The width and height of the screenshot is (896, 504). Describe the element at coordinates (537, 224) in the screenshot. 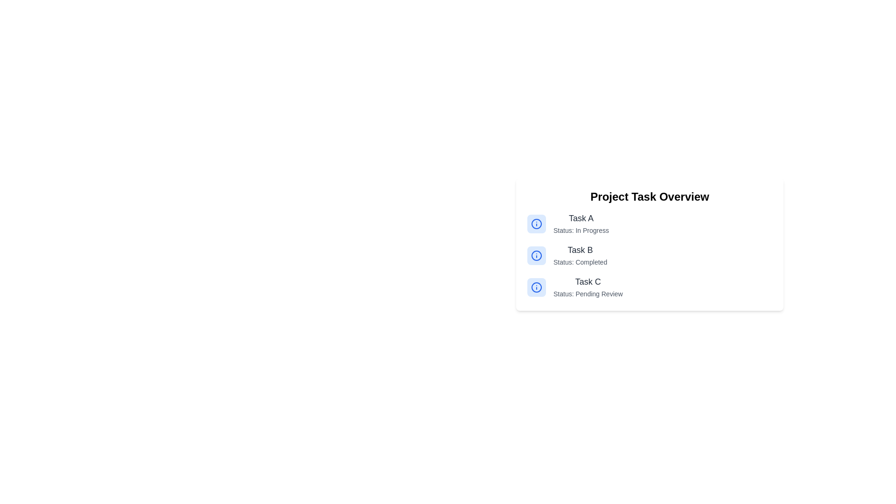

I see `the information indicator icon for 'Task A' located at the top of the vertical sequence in the 'Project Task Overview' card` at that location.